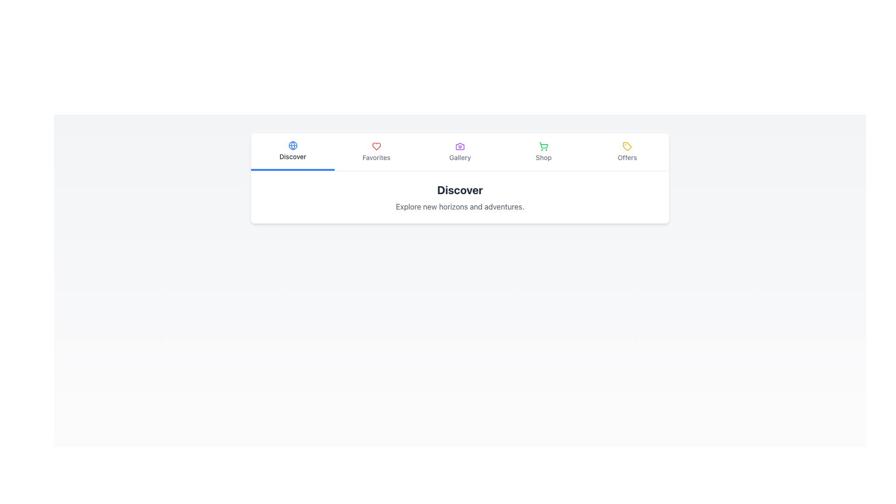  I want to click on the 'Offers' menu icon, which is positioned to the far-right in the navigation bar above the text 'Offers', so click(627, 146).